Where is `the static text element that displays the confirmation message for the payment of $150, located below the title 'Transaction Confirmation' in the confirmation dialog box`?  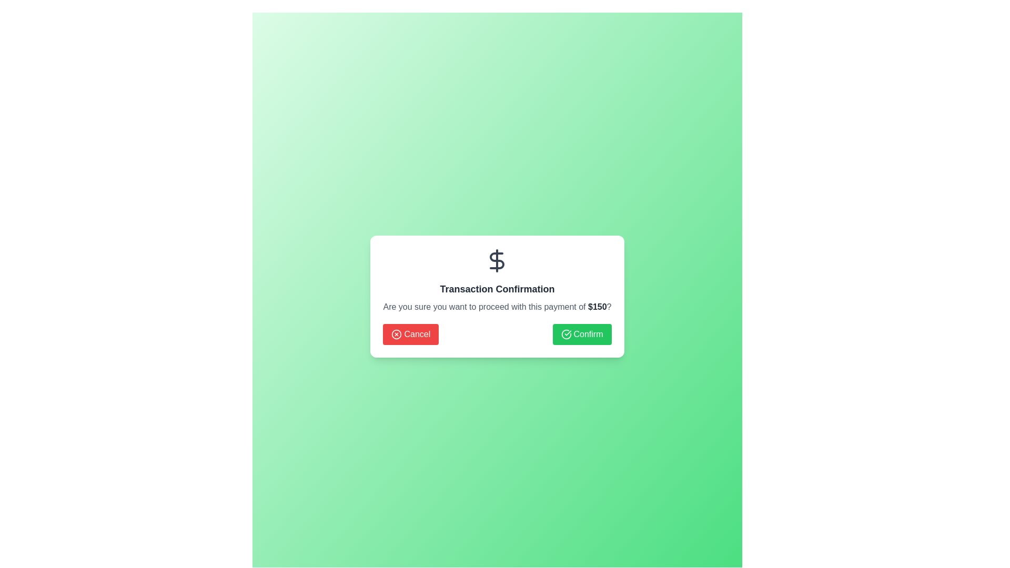
the static text element that displays the confirmation message for the payment of $150, located below the title 'Transaction Confirmation' in the confirmation dialog box is located at coordinates (497, 307).